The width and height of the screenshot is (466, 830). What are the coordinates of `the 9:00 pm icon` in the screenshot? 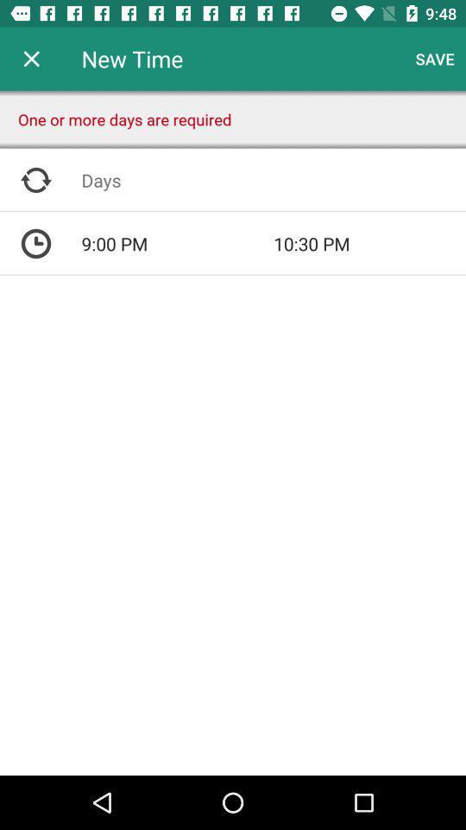 It's located at (176, 243).